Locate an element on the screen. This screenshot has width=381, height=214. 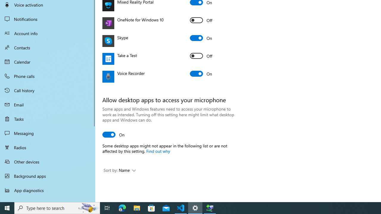
'Contacts' is located at coordinates (48, 47).